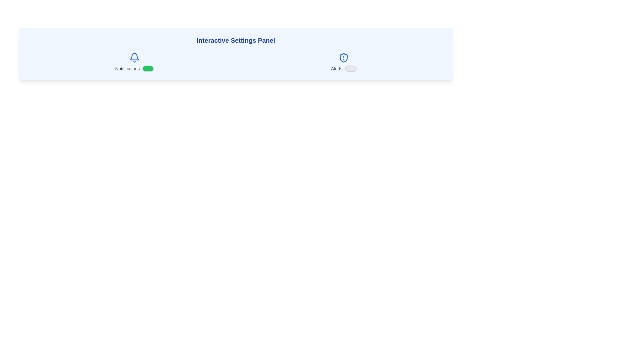 The height and width of the screenshot is (347, 618). Describe the element at coordinates (115, 66) in the screenshot. I see `the 'Notifications' label by clicking and dragging over it` at that location.